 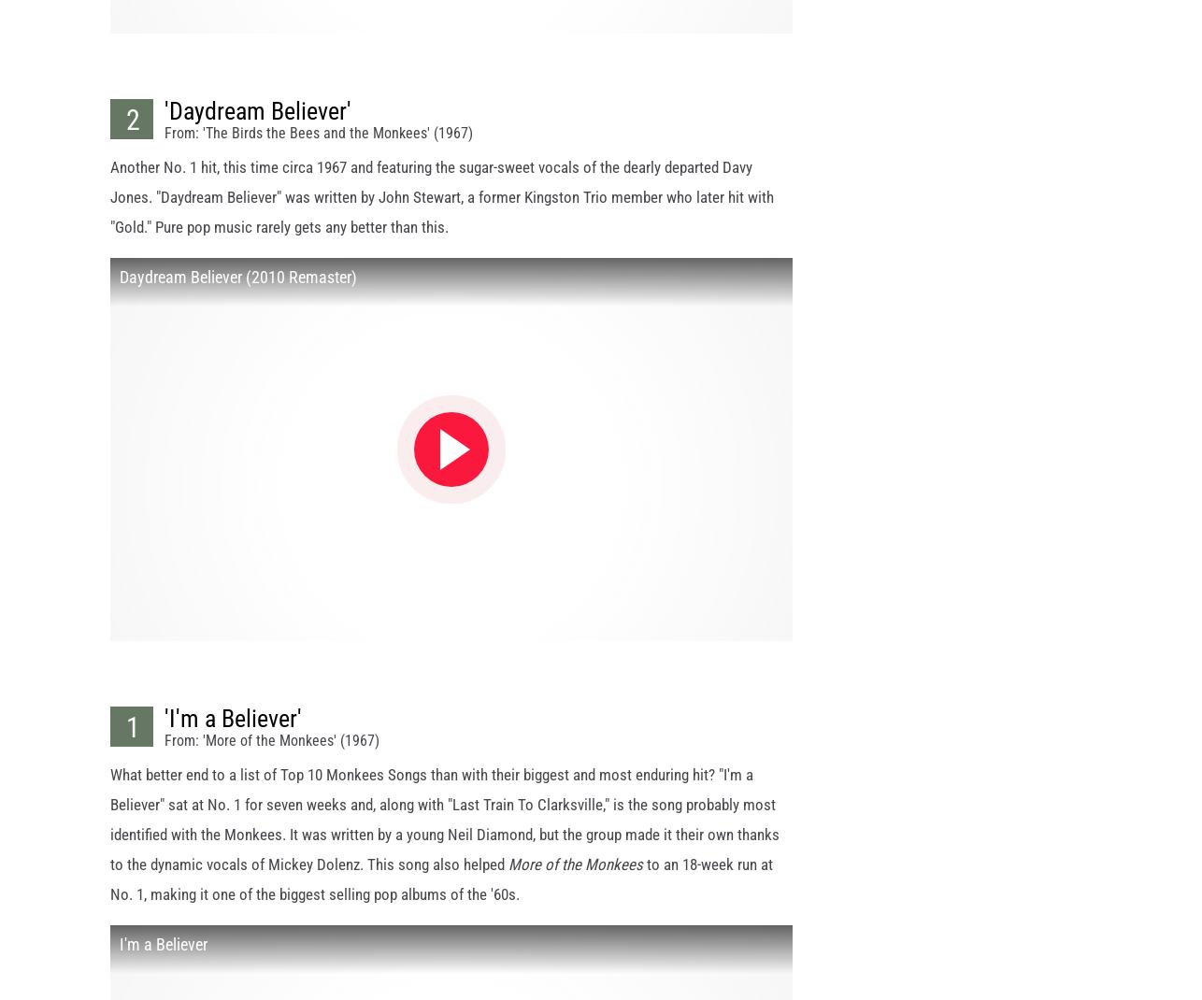 What do you see at coordinates (125, 136) in the screenshot?
I see `'2'` at bounding box center [125, 136].